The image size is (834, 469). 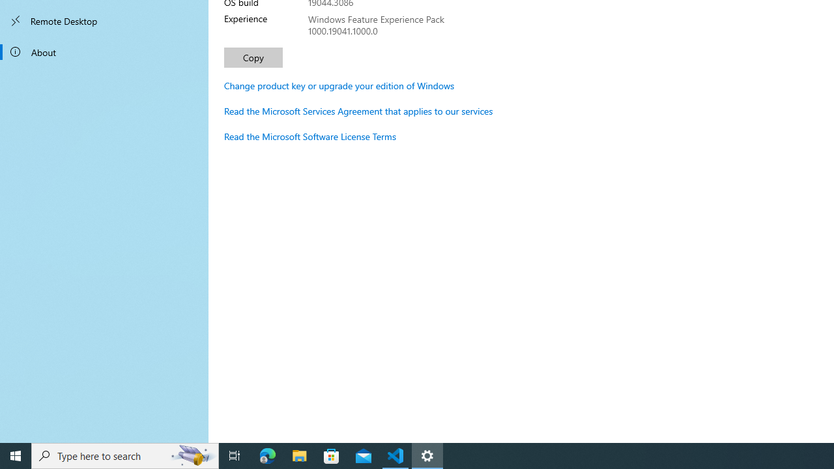 I want to click on 'About', so click(x=104, y=51).